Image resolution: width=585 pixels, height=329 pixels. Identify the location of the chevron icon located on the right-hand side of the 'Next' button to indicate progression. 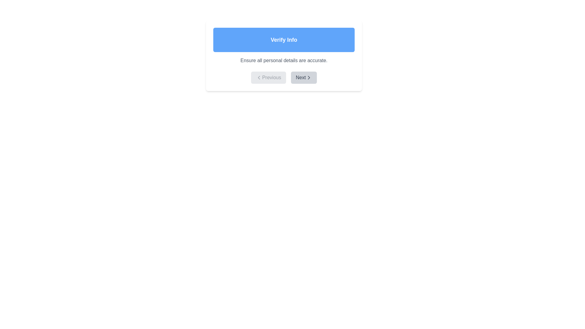
(309, 77).